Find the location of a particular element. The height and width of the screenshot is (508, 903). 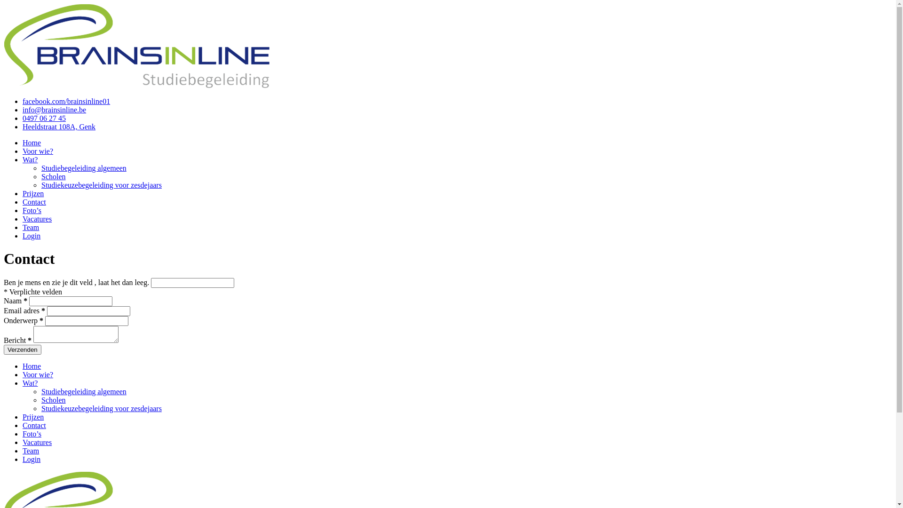

'Scholen' is located at coordinates (53, 176).